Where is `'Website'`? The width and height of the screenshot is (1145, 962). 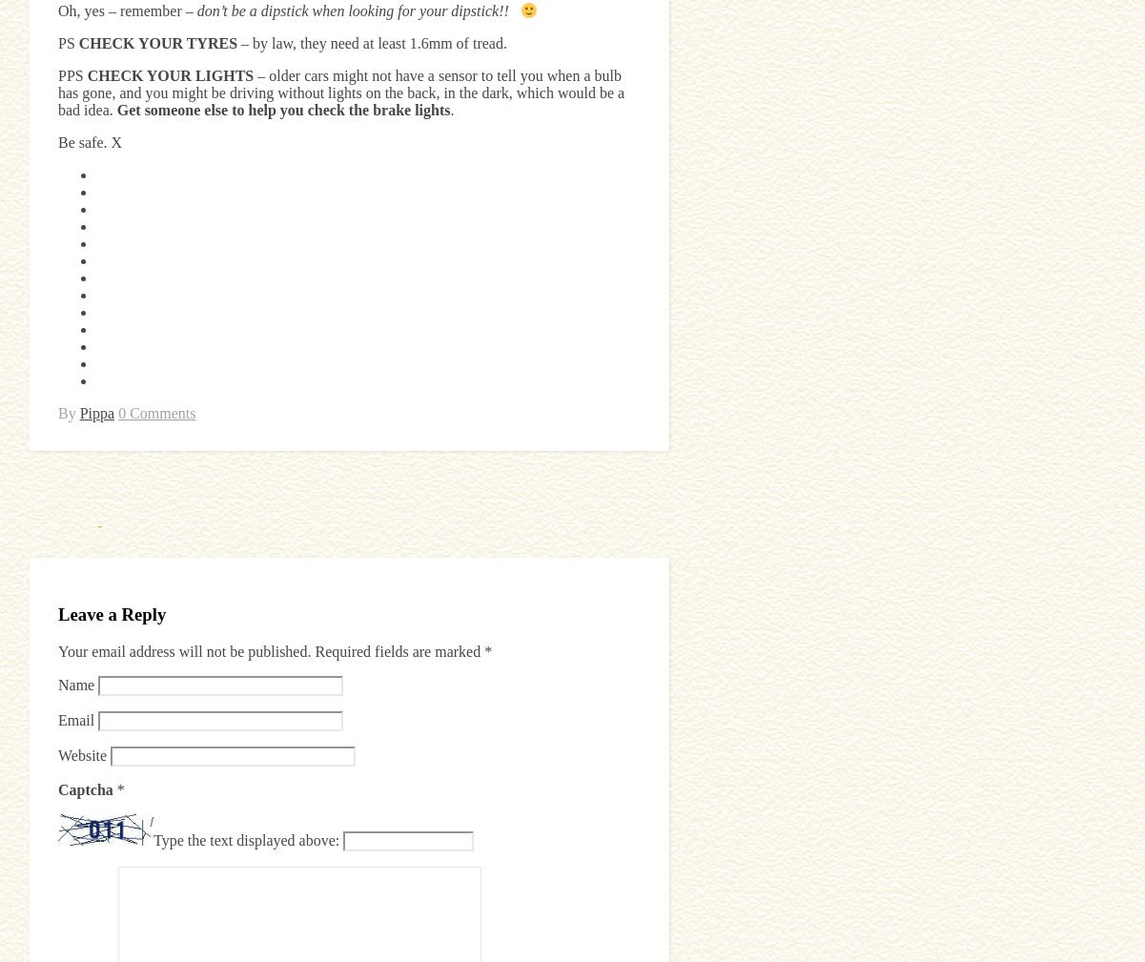 'Website' is located at coordinates (82, 754).